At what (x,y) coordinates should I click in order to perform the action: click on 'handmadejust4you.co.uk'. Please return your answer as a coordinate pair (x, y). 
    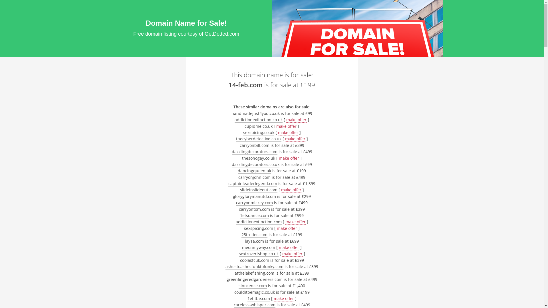
    Looking at the image, I should click on (255, 113).